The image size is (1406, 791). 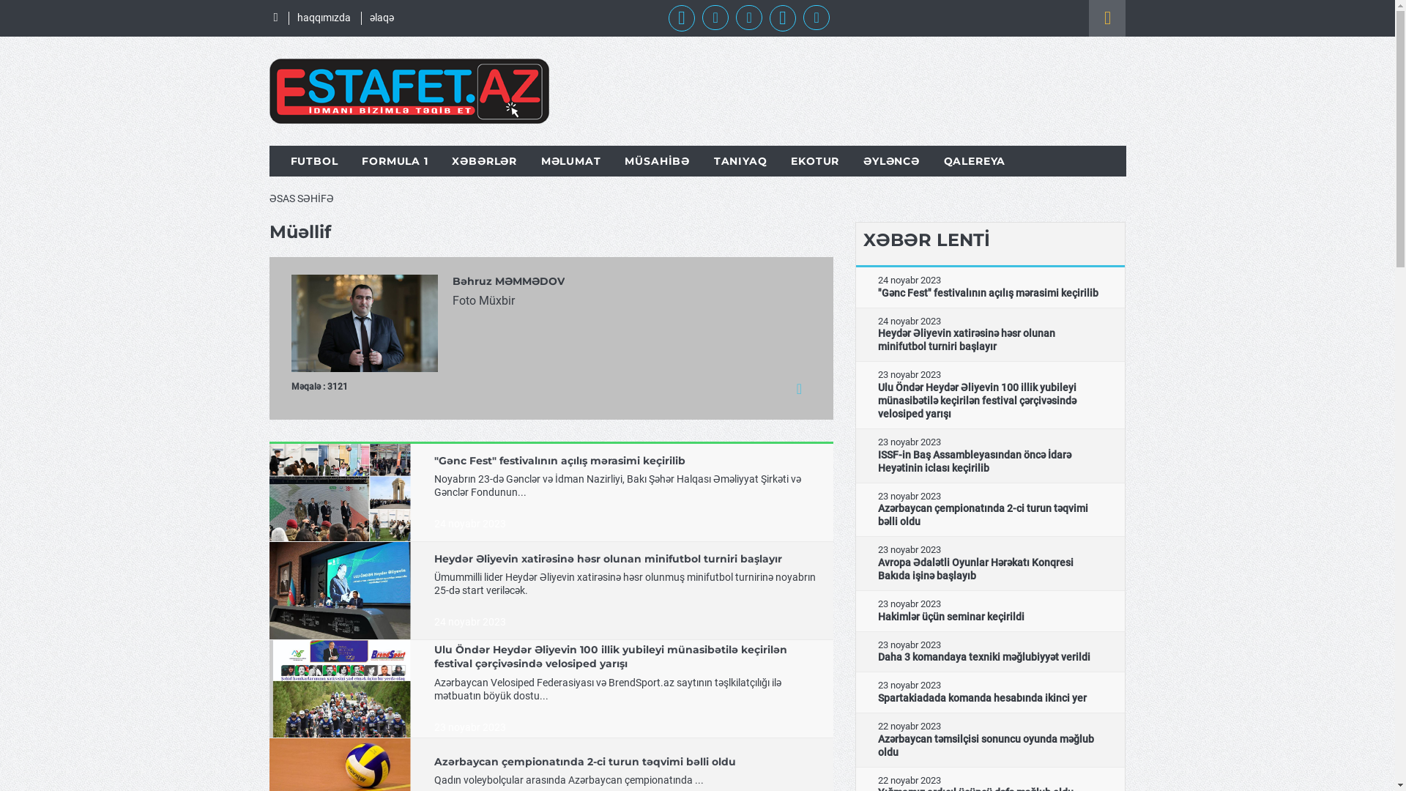 I want to click on 'EKOTUR', so click(x=814, y=160).